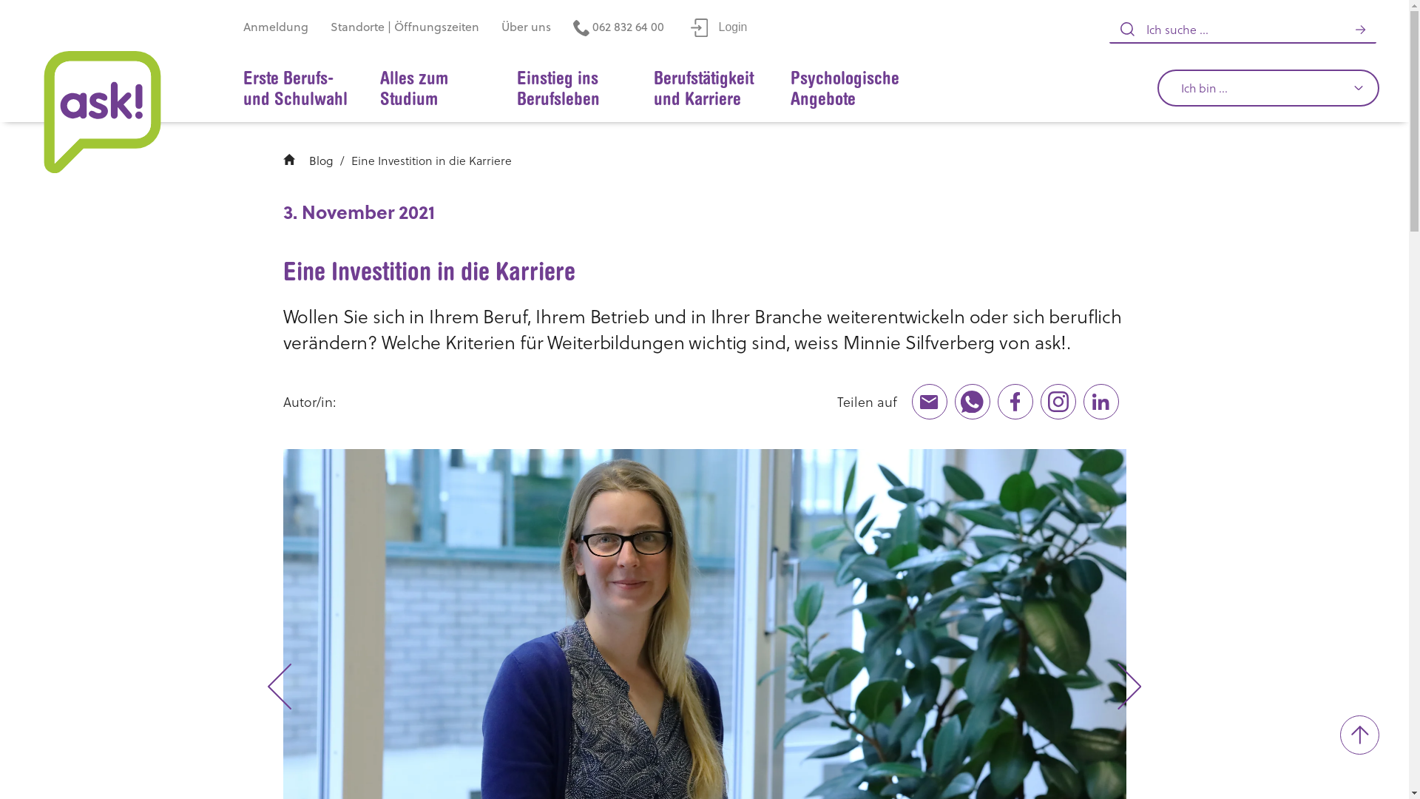  What do you see at coordinates (845, 89) in the screenshot?
I see `'Psychologische Angebote'` at bounding box center [845, 89].